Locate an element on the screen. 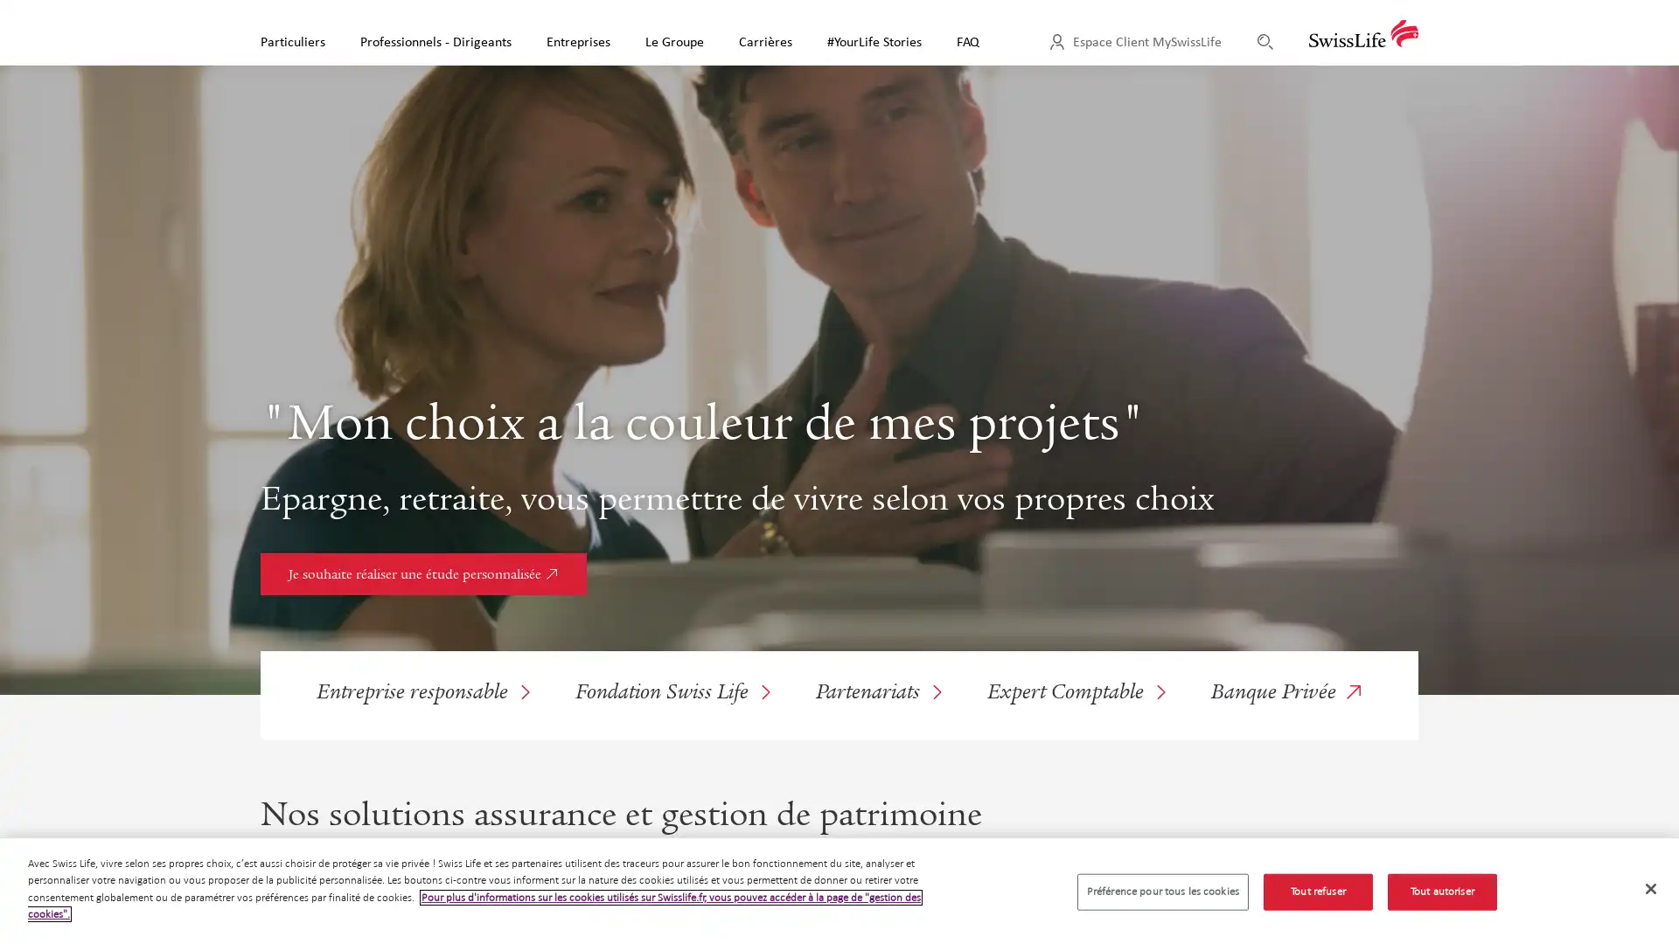 The image size is (1679, 944). Tout autoriser is located at coordinates (1441, 892).